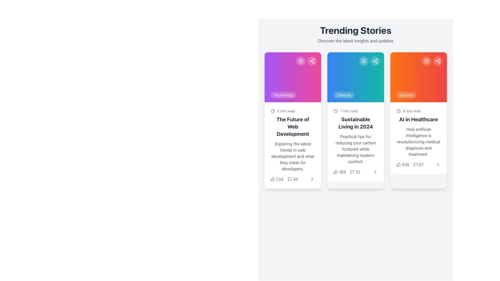 Image resolution: width=500 pixels, height=281 pixels. What do you see at coordinates (405, 164) in the screenshot?
I see `the text label displaying '456', which is styled in a slightly bold font and gray color, located to the right of a thumbs-up icon in the bottom section of the 'Science' card in the 'Trending Stories' section` at bounding box center [405, 164].